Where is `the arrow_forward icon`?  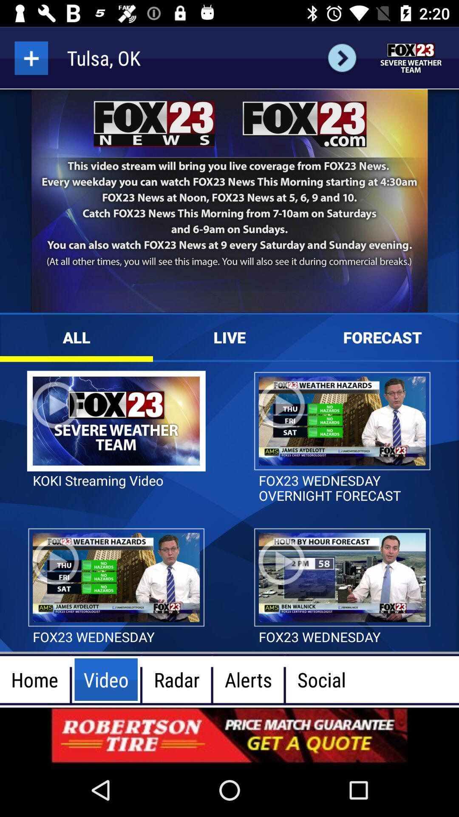
the arrow_forward icon is located at coordinates (342, 57).